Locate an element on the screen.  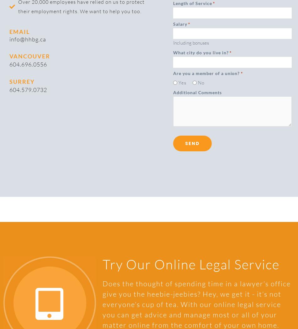
'Try Our Online Legal Service' is located at coordinates (102, 264).